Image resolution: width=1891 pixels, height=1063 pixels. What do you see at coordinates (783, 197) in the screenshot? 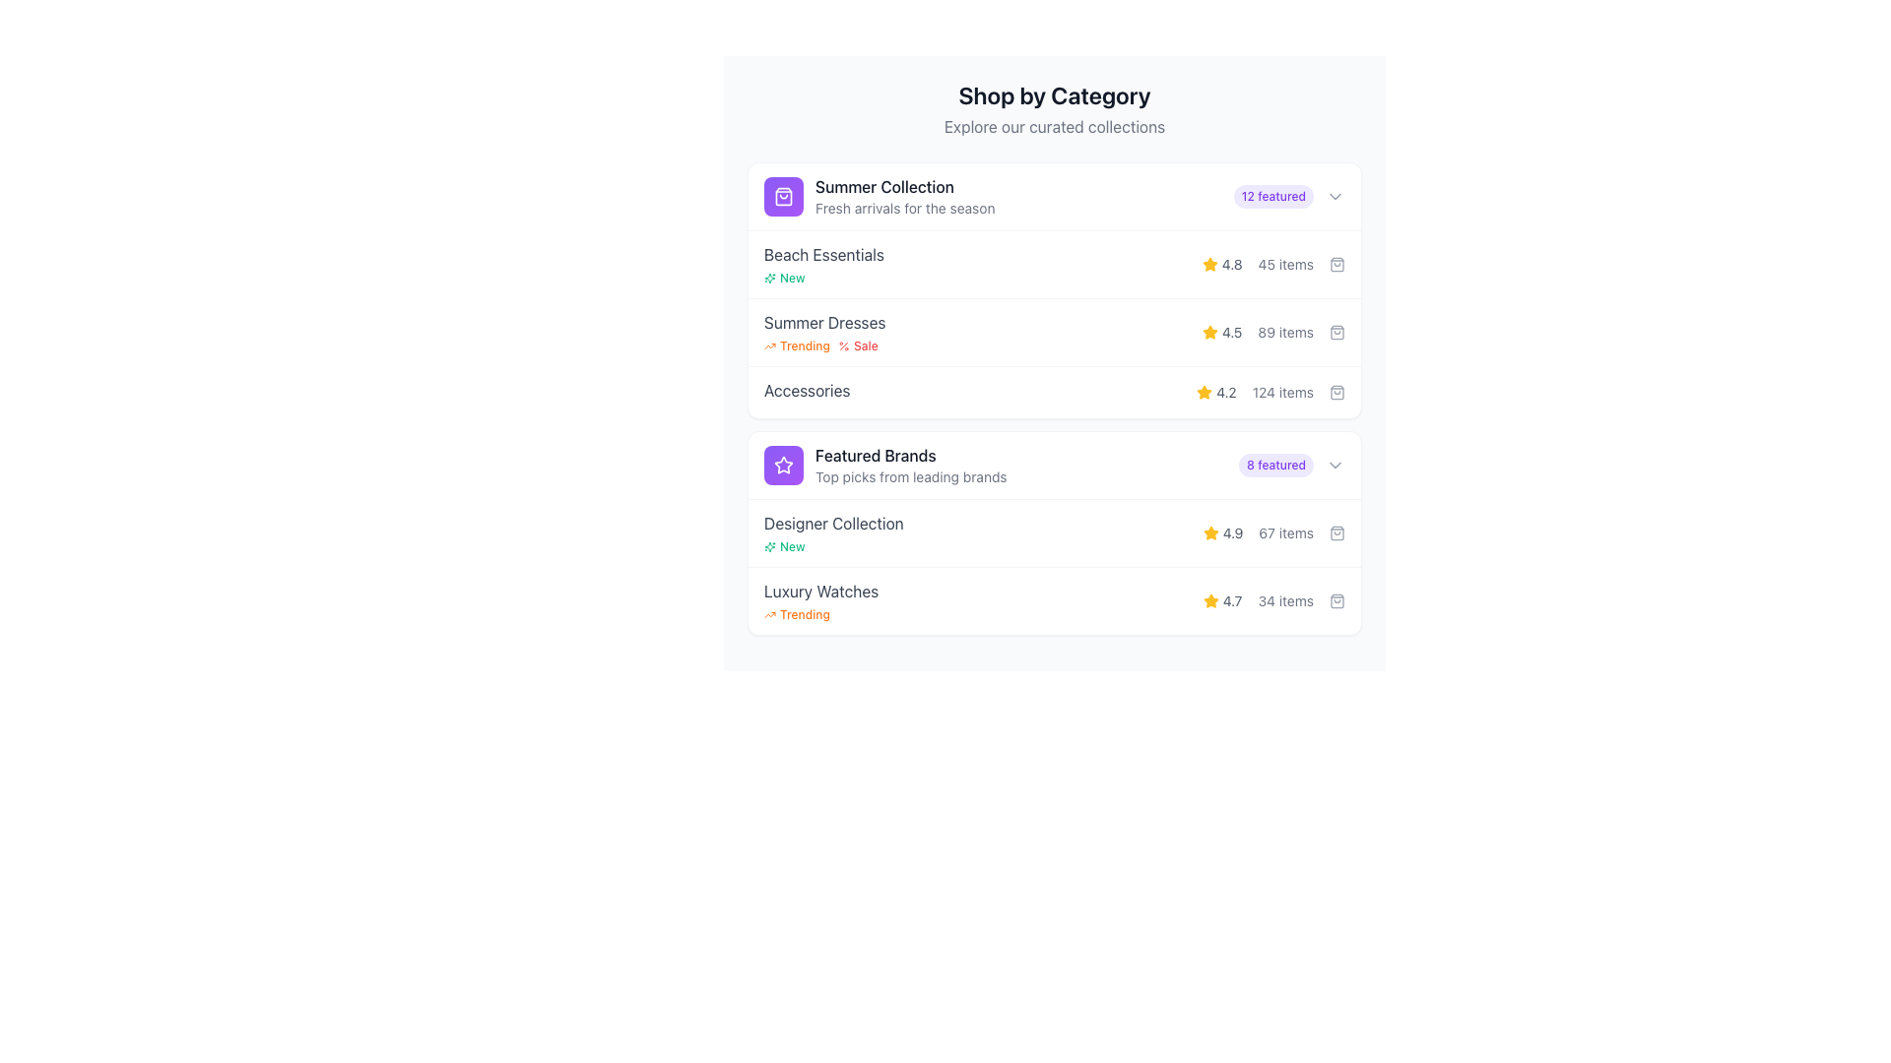
I see `the square-shaped icon with a gradient background transitioning from violet to purple, which contains a white shopping bag graphic. This icon is located in the left section of the row labeled 'Summer Collection', next to the text 'Summer Collection' and 'Fresh arrivals for the season'` at bounding box center [783, 197].